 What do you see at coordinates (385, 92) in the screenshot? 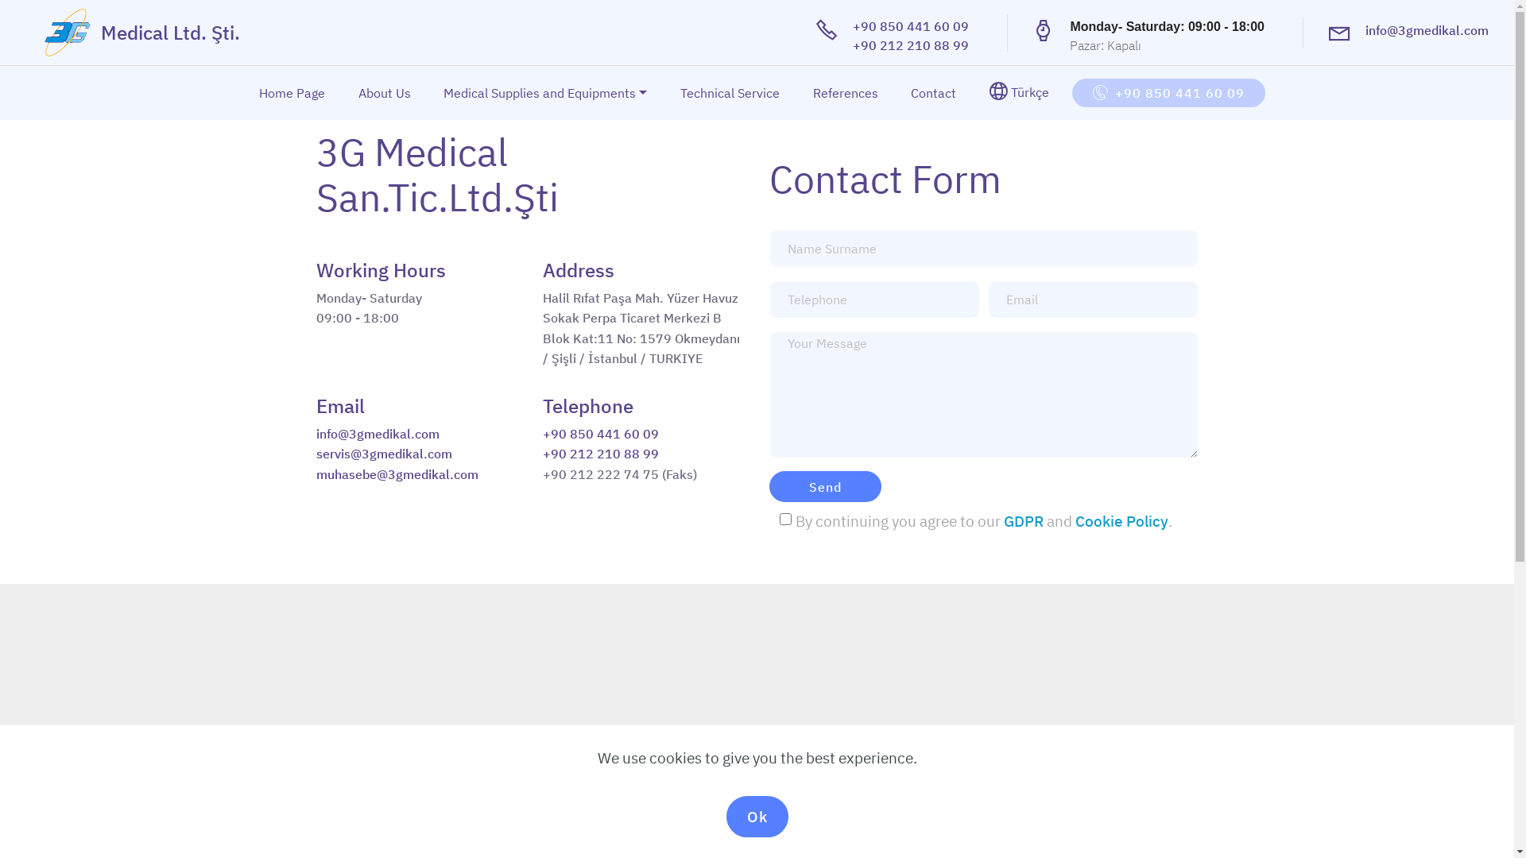
I see `'About Us'` at bounding box center [385, 92].